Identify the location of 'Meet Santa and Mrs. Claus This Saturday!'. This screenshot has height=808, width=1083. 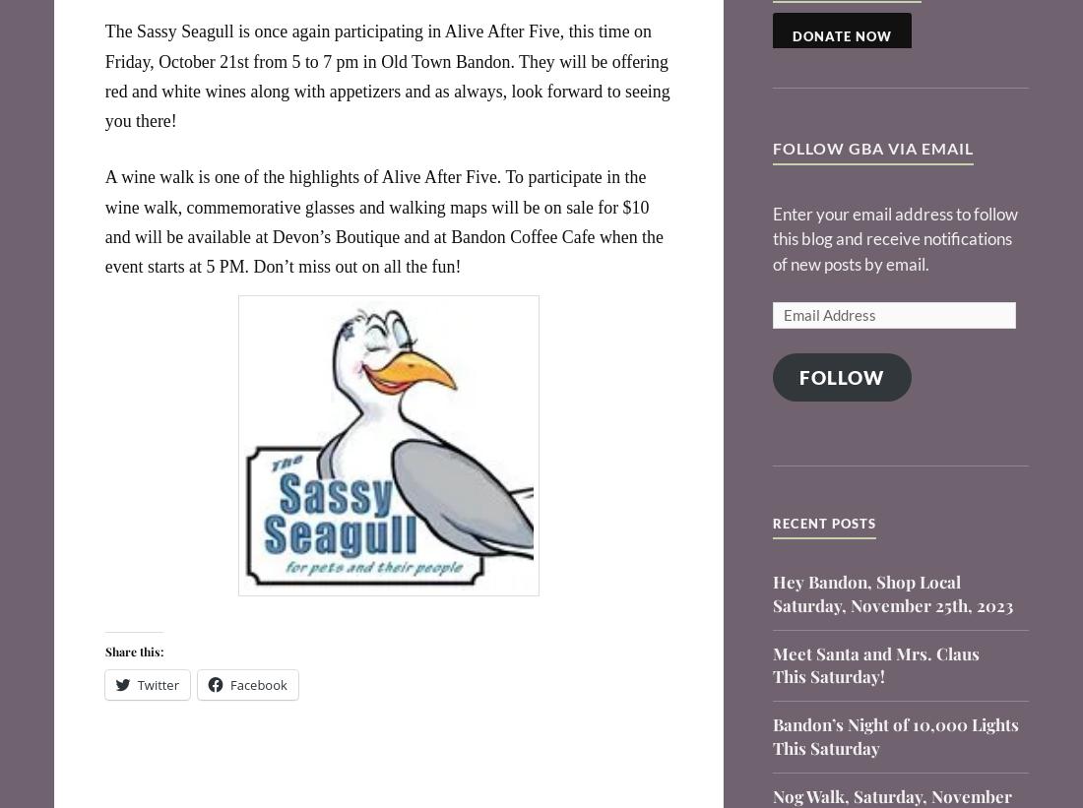
(874, 663).